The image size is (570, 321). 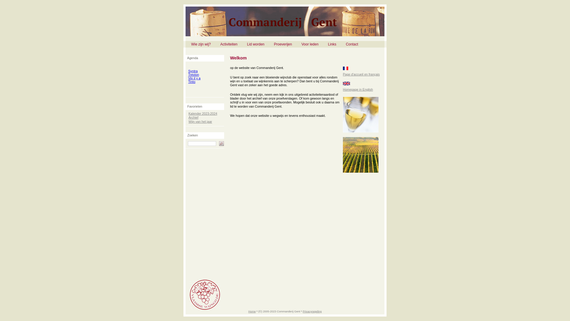 What do you see at coordinates (332, 44) in the screenshot?
I see `'Links'` at bounding box center [332, 44].